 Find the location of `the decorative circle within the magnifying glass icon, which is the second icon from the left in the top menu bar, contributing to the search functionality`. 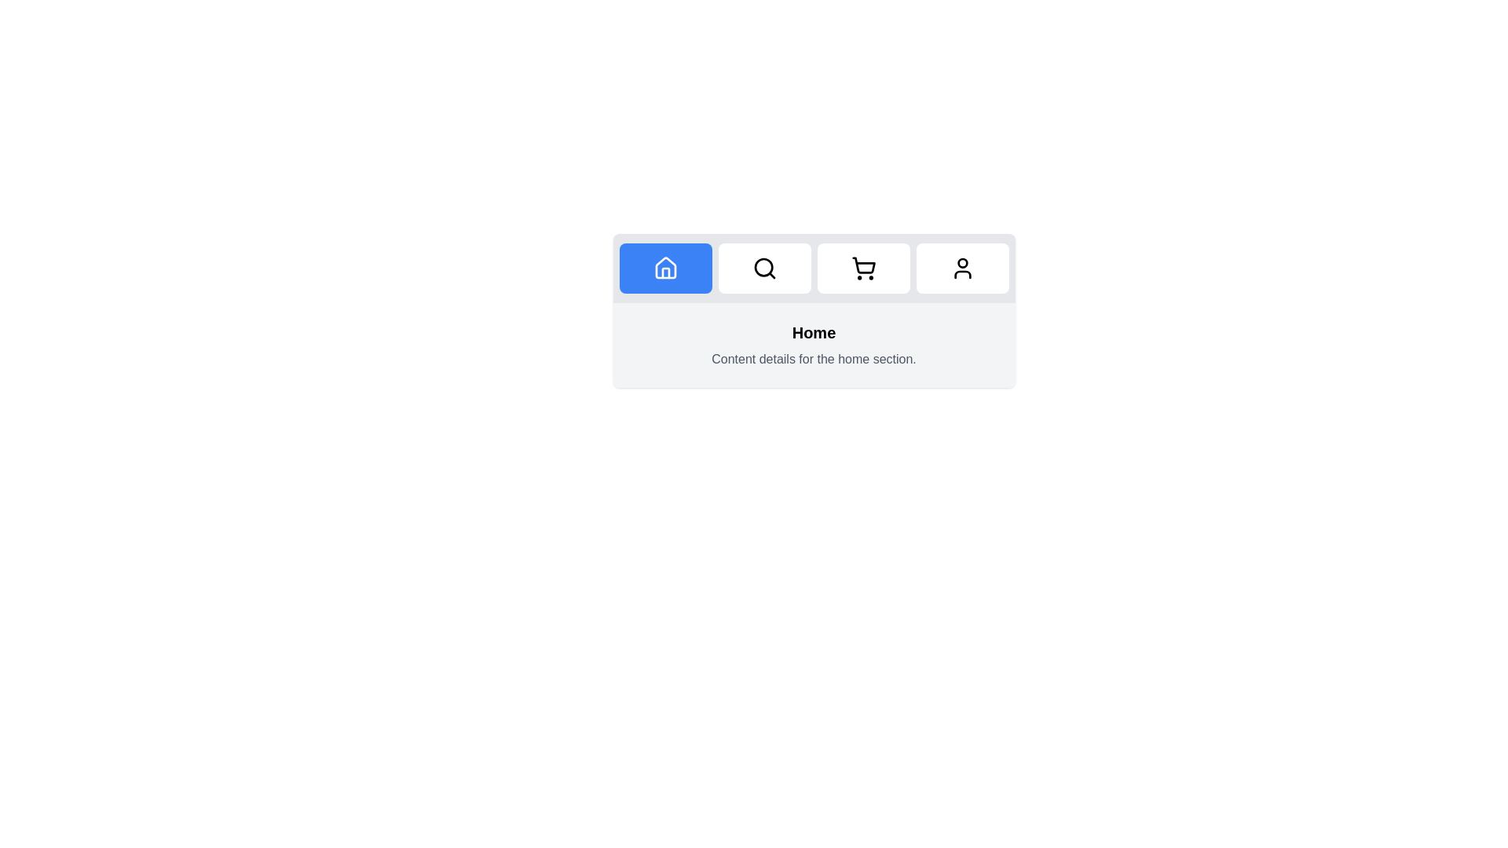

the decorative circle within the magnifying glass icon, which is the second icon from the left in the top menu bar, contributing to the search functionality is located at coordinates (763, 266).